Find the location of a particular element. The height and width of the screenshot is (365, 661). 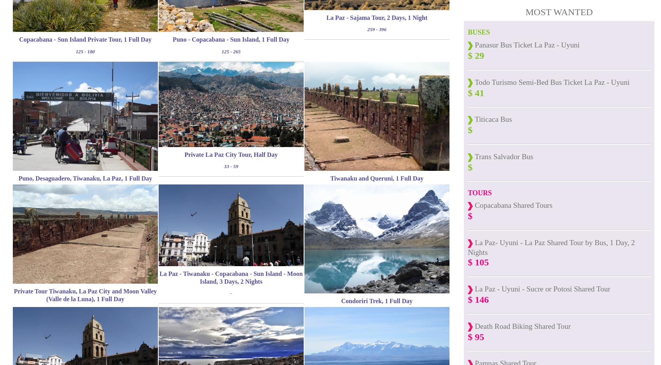

'$ 146' is located at coordinates (477, 299).